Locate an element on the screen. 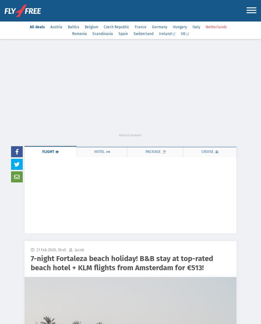  'Czech Republic' is located at coordinates (116, 26).